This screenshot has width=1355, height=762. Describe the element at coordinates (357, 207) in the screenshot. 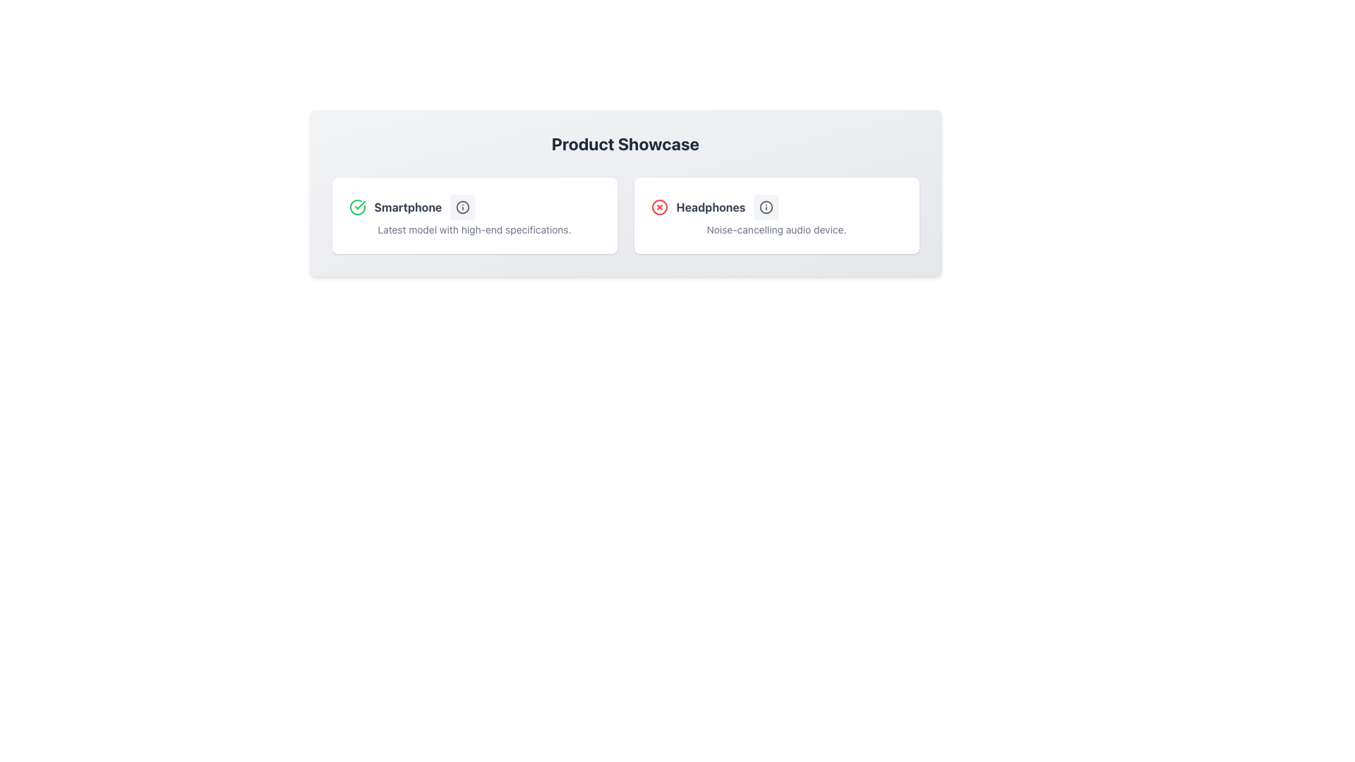

I see `the green circle icon with a white checkmark that indicates success, located to the left of the 'Smartphone' label in the 'Product Showcase' section` at that location.